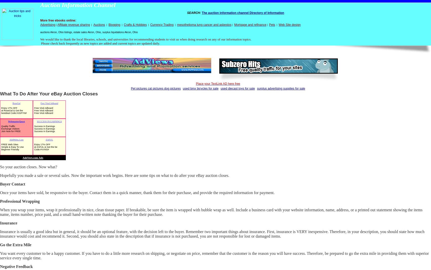 The image size is (431, 270). I want to click on 'Please check back frequently as new topics are added and current topics are updated daily.', so click(40, 43).